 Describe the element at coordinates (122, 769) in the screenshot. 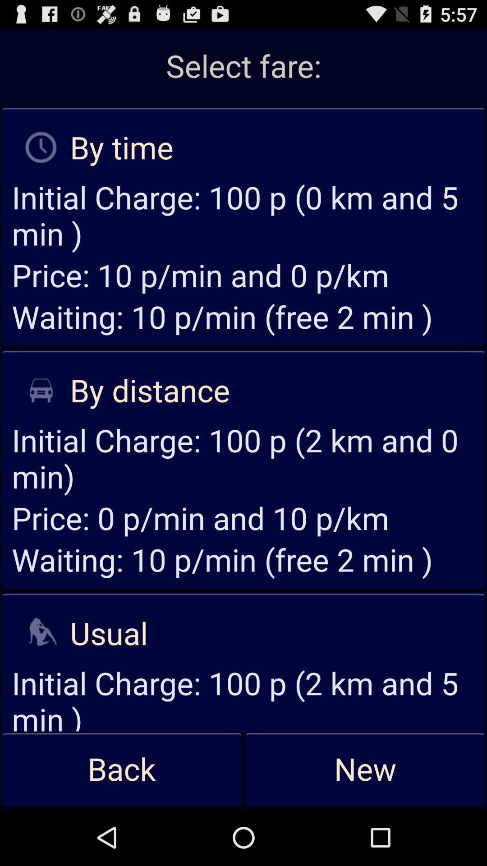

I see `icon at the bottom left corner` at that location.